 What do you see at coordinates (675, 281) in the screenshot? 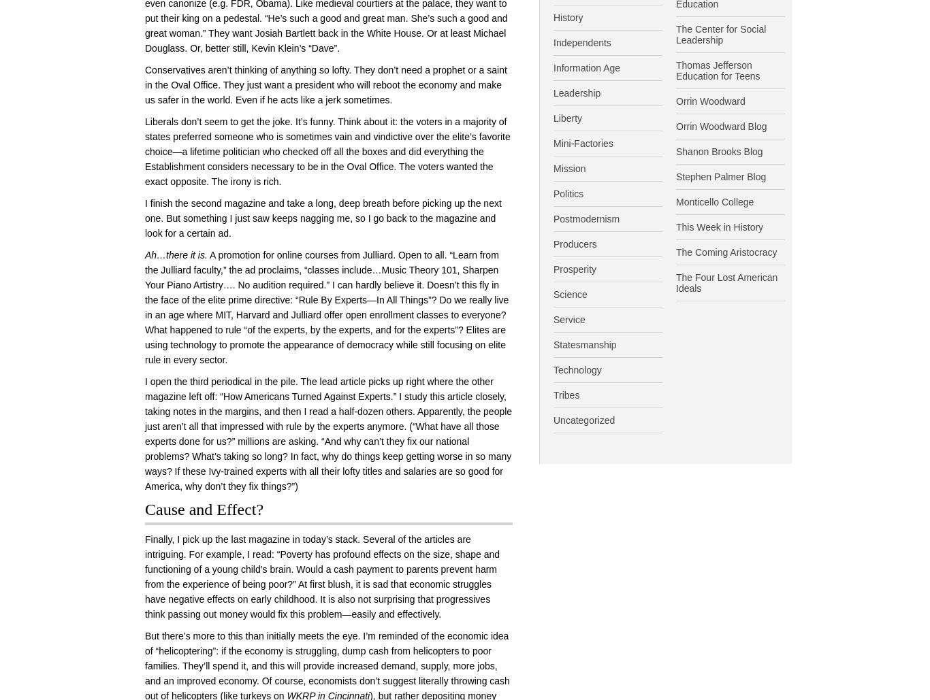
I see `'The Four Lost American Ideals'` at bounding box center [675, 281].